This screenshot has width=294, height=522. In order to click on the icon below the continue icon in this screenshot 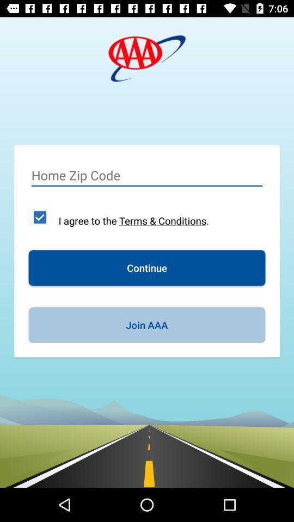, I will do `click(147, 325)`.